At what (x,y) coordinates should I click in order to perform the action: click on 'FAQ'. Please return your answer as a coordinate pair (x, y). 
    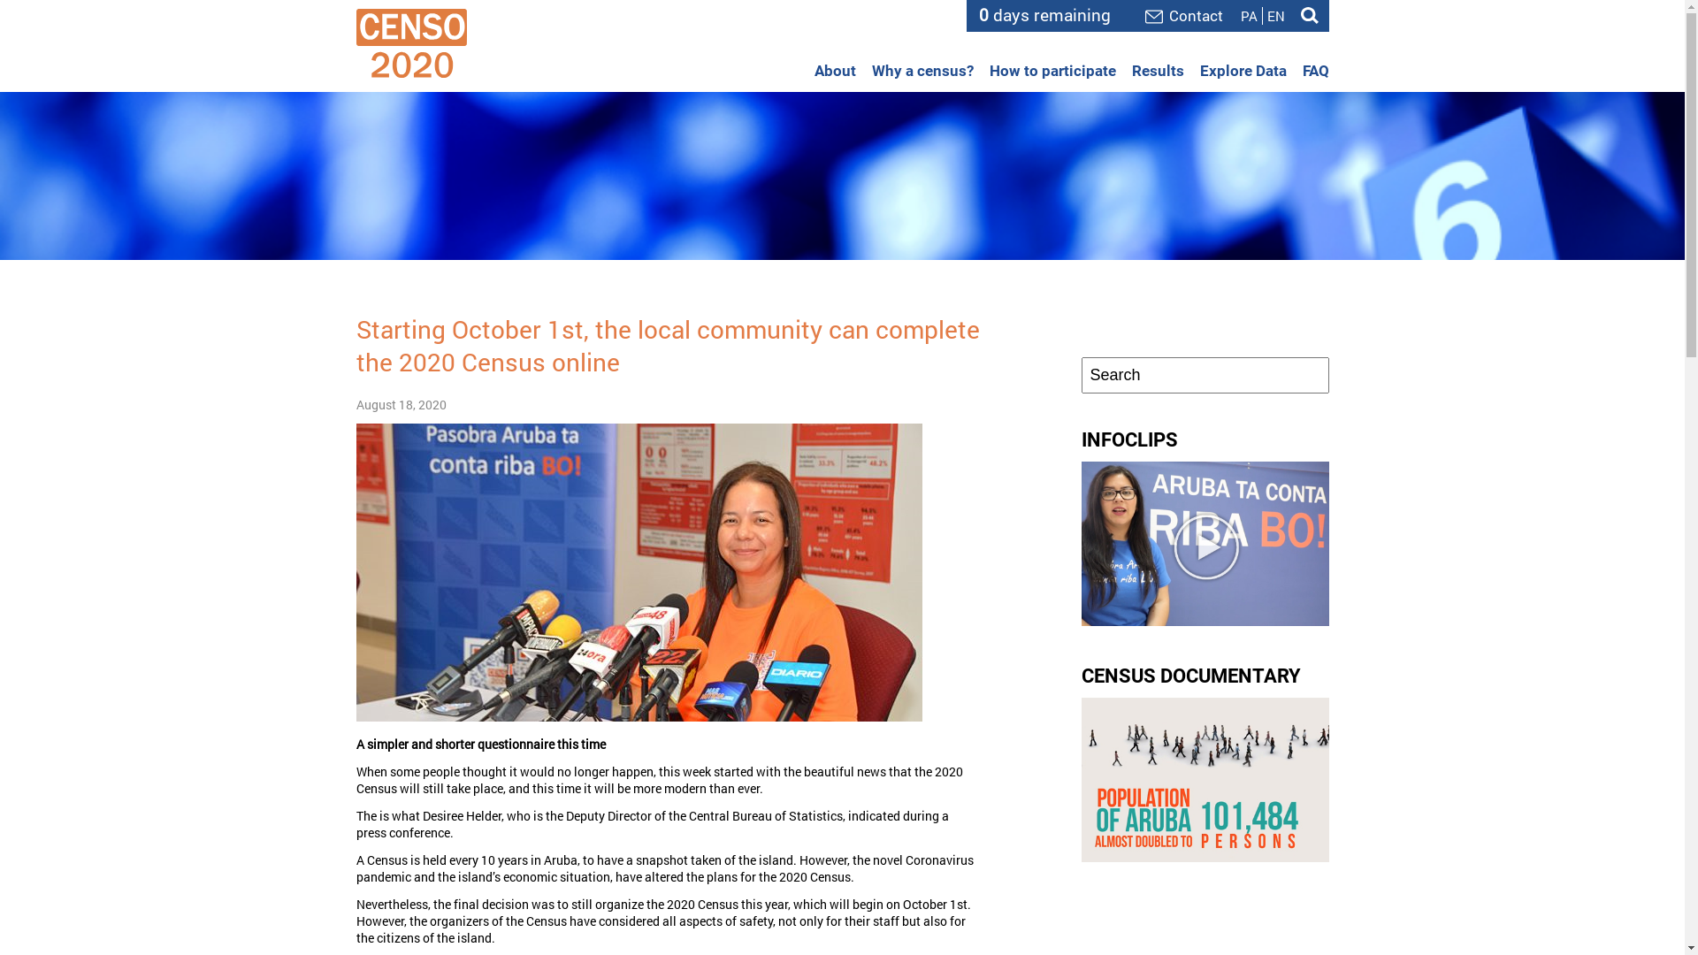
    Looking at the image, I should click on (1315, 70).